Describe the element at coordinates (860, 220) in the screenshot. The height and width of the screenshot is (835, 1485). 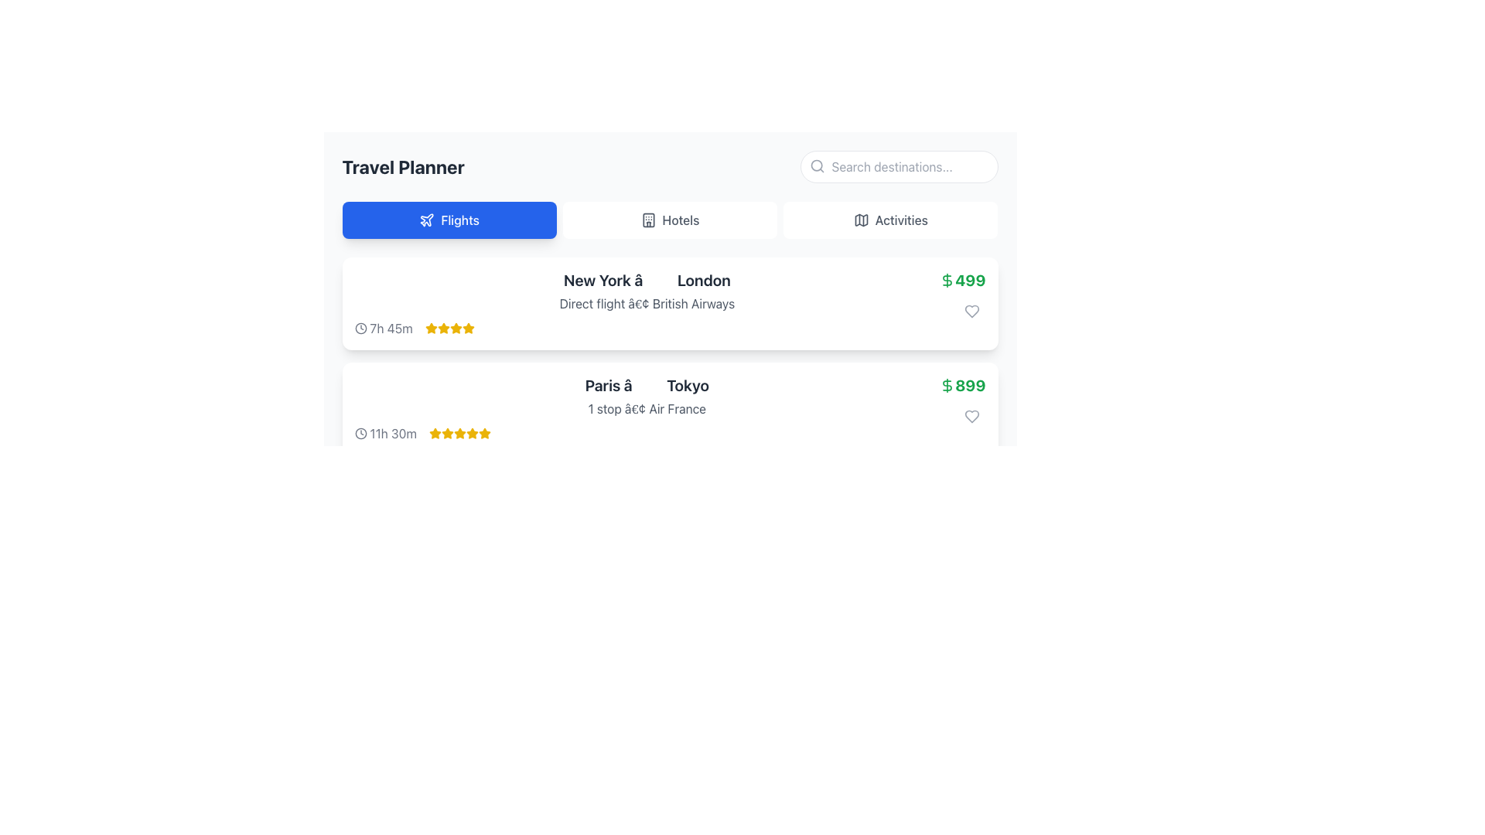
I see `the 'Activities' icon located in the top navigation bar, which is positioned to the left of the text 'Activities'` at that location.